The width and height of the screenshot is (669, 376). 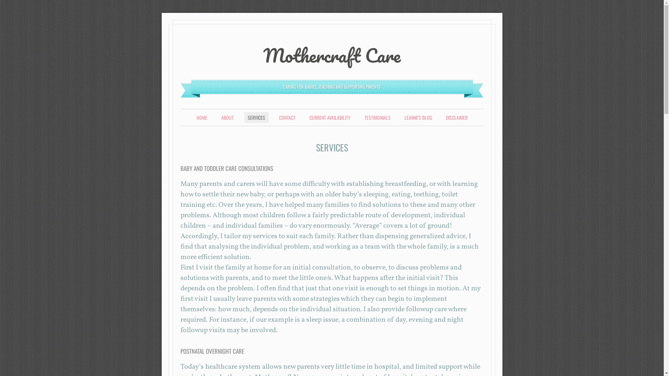 I want to click on 'SKIP TO CONTENT', so click(x=203, y=117).